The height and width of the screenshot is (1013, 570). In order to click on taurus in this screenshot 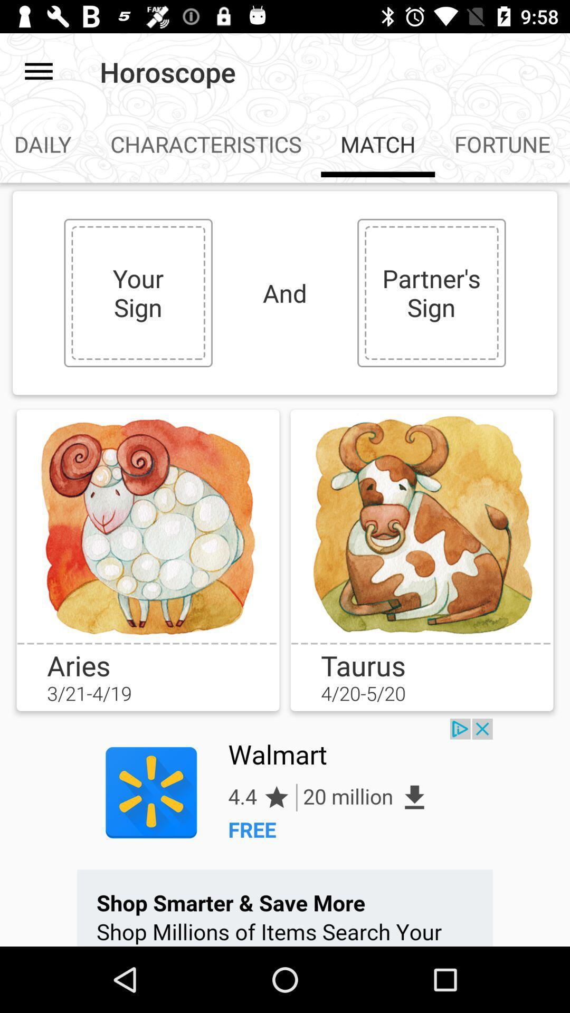, I will do `click(421, 525)`.